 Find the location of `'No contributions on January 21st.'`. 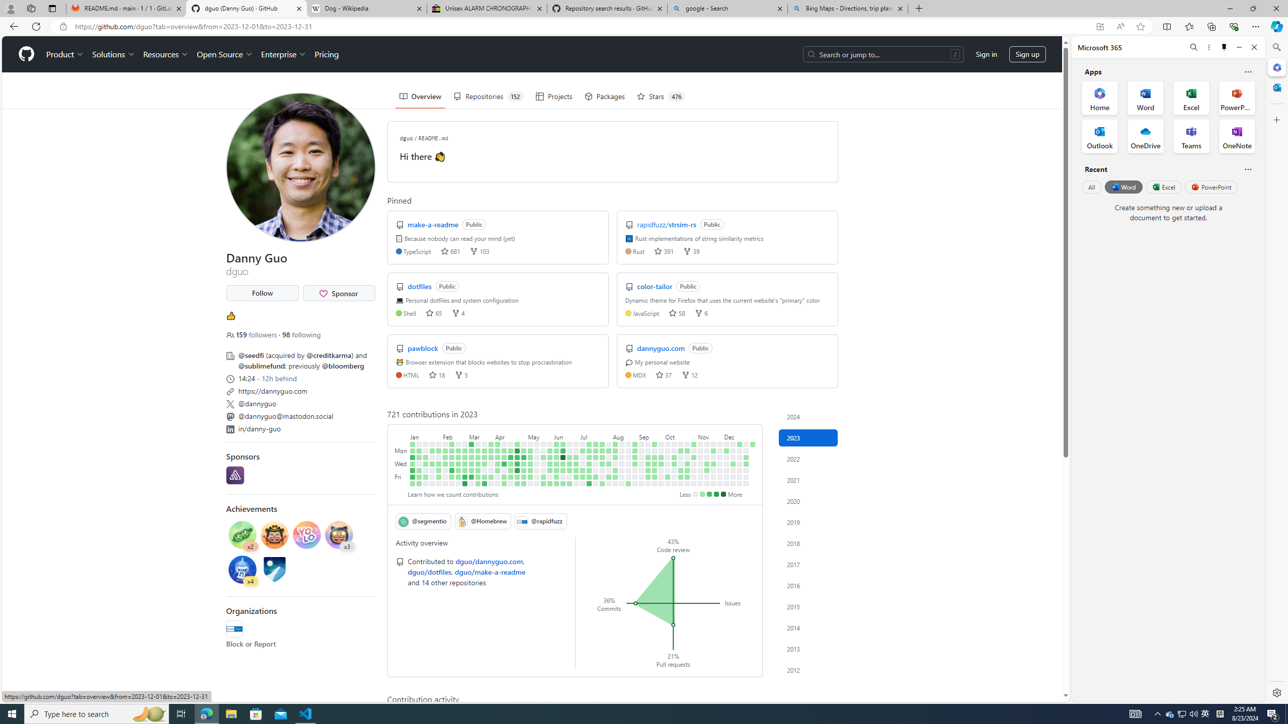

'No contributions on January 21st.' is located at coordinates (426, 483).